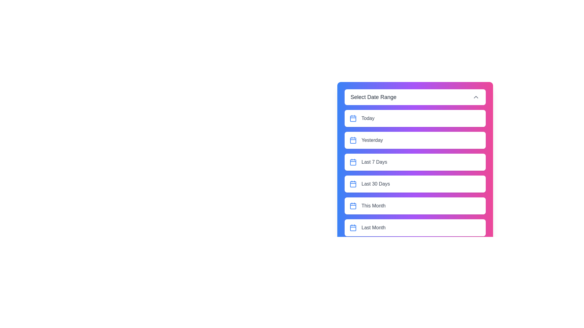 The width and height of the screenshot is (584, 328). What do you see at coordinates (415, 162) in the screenshot?
I see `the date range option Last 7 Days from the list` at bounding box center [415, 162].